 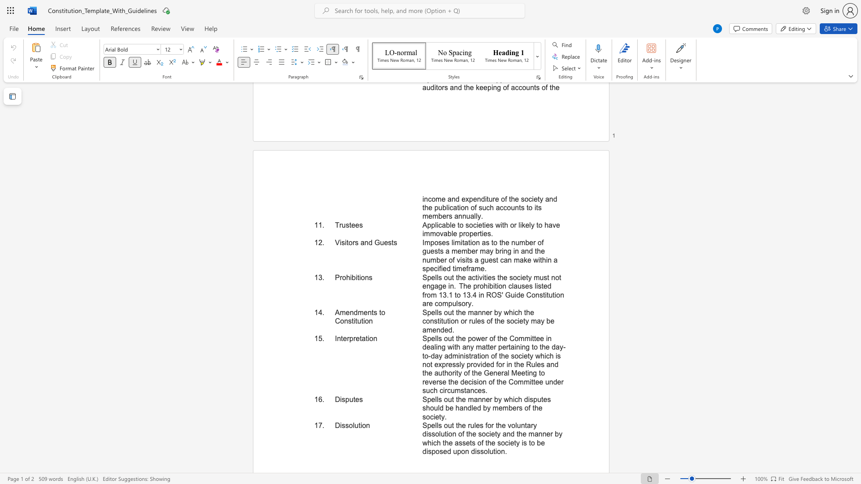 I want to click on the subset text "d upon dissolution" within the text "Spells out the rules for the voluntary dissolution of the society and the manner by which the assets of the society is to be disposed upon dissolution.", so click(x=447, y=451).